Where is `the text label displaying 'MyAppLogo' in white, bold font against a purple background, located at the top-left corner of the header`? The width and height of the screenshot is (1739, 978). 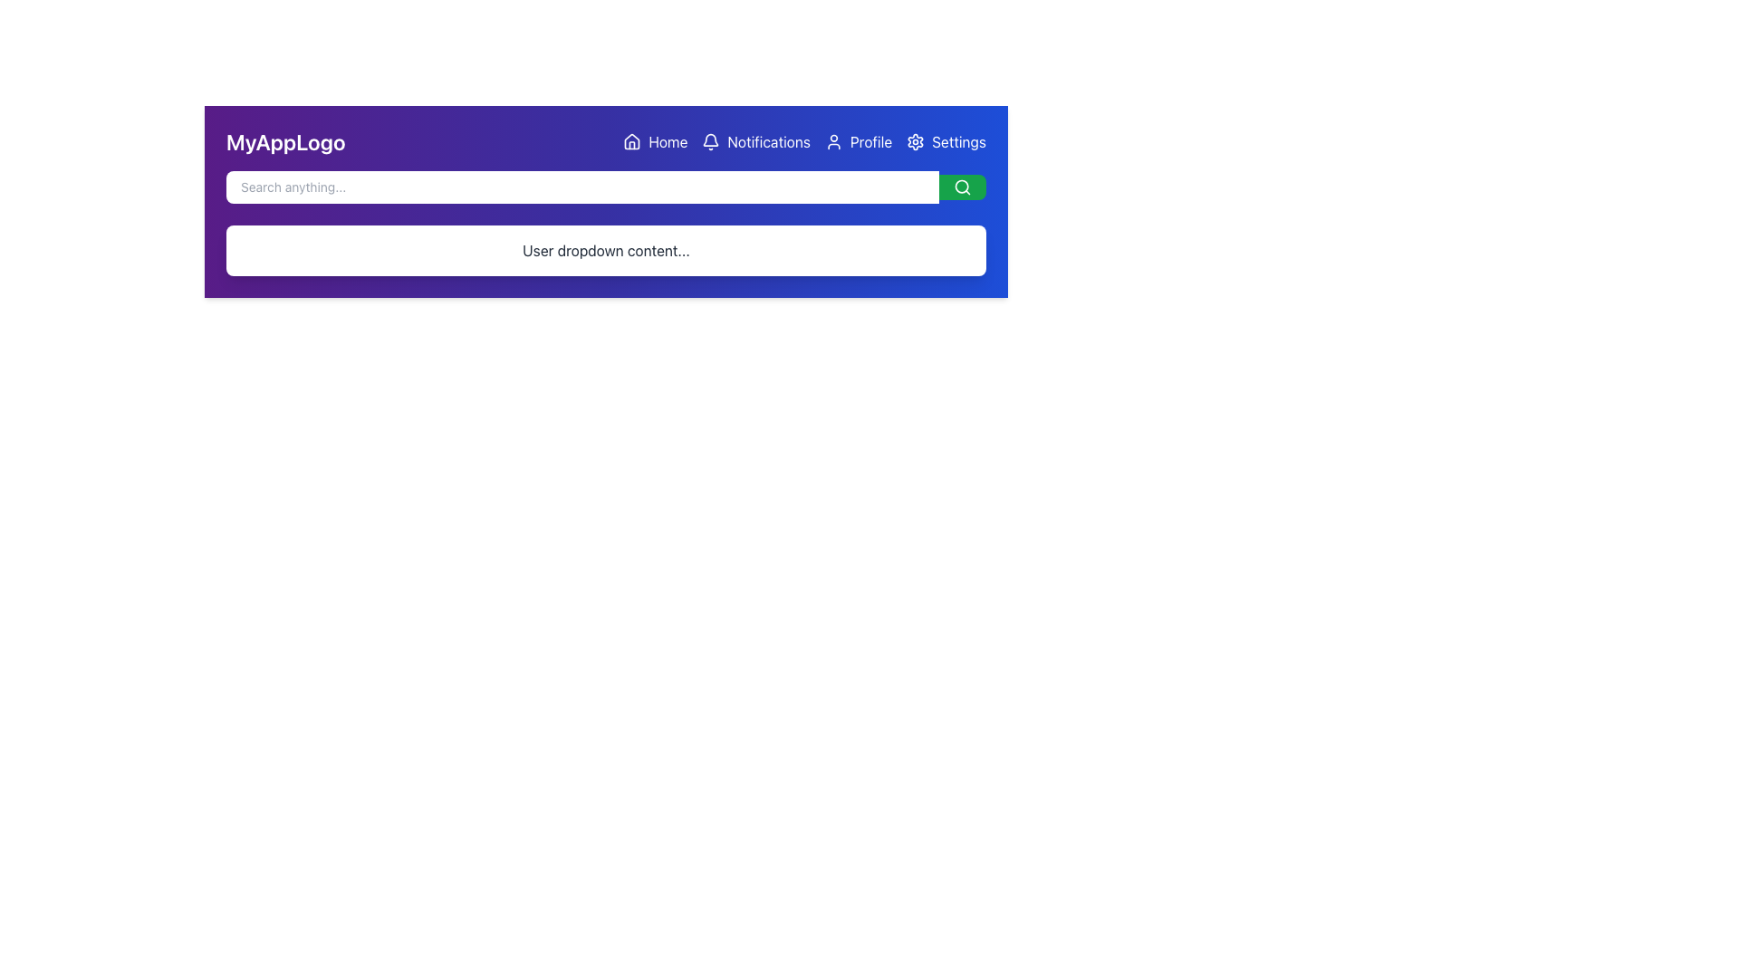
the text label displaying 'MyAppLogo' in white, bold font against a purple background, located at the top-left corner of the header is located at coordinates (284, 141).